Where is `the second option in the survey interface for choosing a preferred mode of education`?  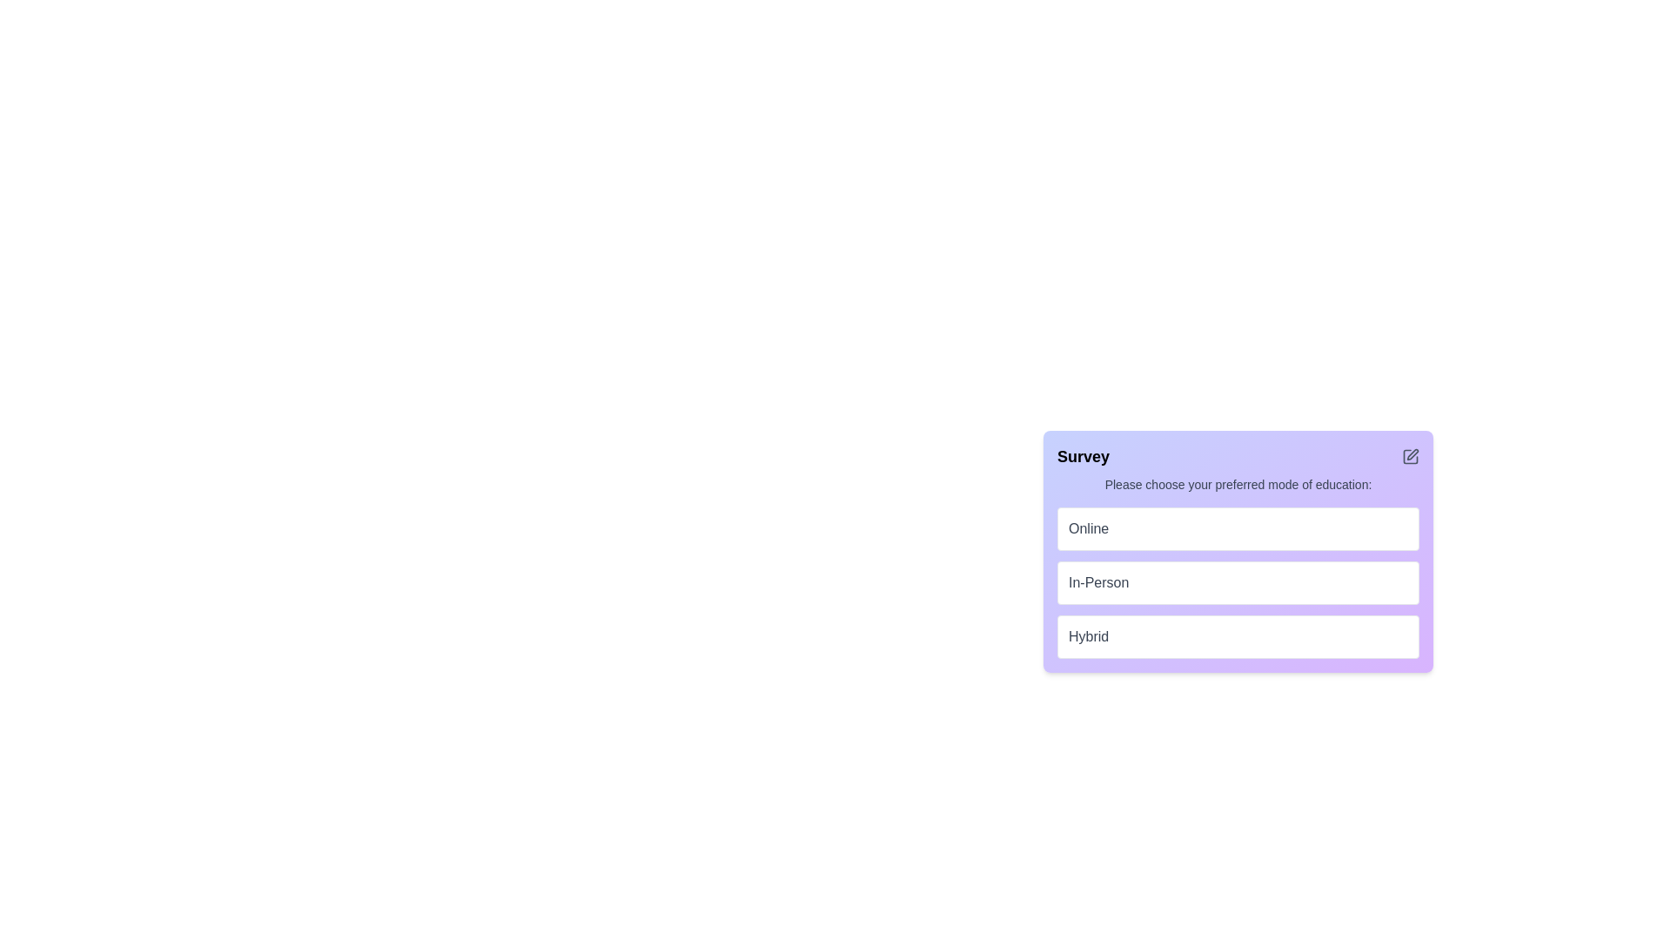 the second option in the survey interface for choosing a preferred mode of education is located at coordinates (1237, 602).